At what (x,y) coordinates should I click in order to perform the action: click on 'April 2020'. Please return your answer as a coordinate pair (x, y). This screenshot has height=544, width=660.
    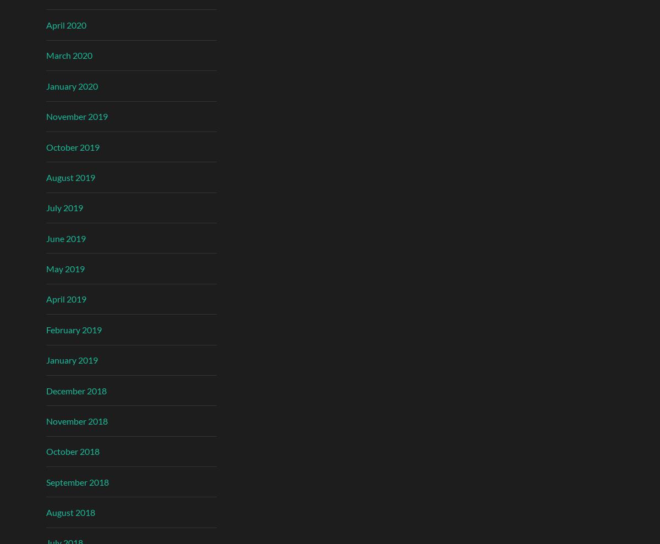
    Looking at the image, I should click on (46, 24).